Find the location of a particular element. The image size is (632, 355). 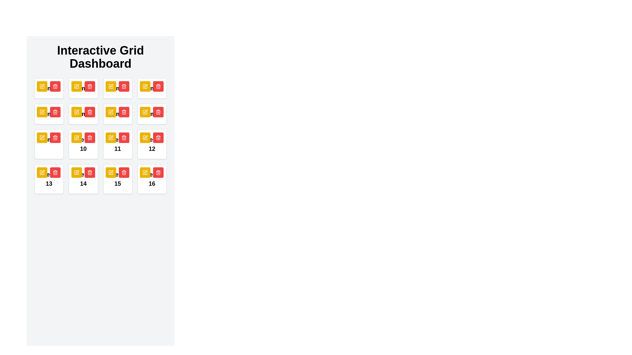

the yellow rounded button with a pen icon located at the bottom row, first position is located at coordinates (42, 172).